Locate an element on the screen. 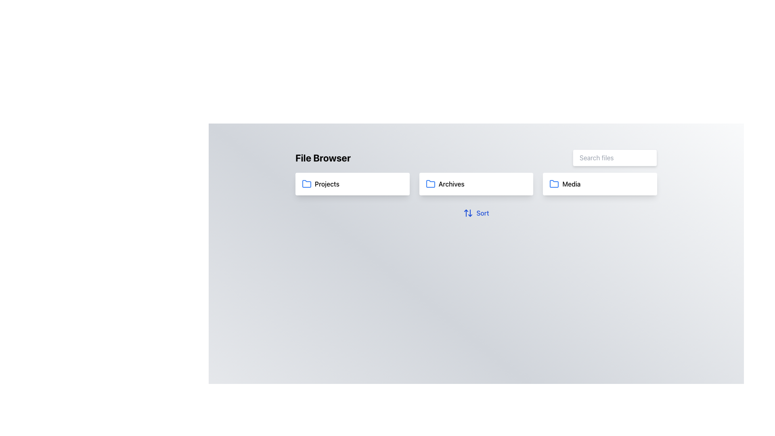 This screenshot has height=436, width=775. the 'Sort' button, which is blue and features an arrow icon is located at coordinates (476, 213).